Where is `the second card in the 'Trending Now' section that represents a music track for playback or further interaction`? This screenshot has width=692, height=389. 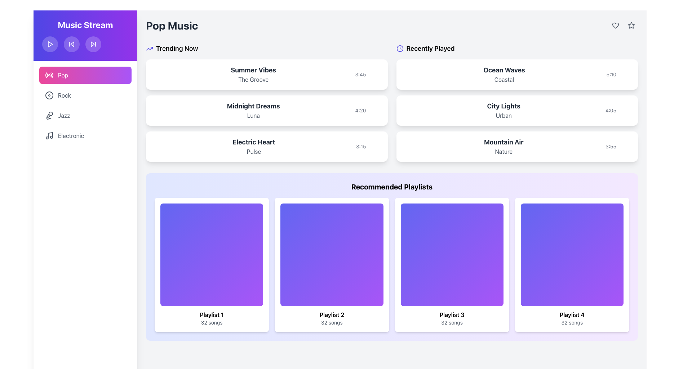 the second card in the 'Trending Now' section that represents a music track for playback or further interaction is located at coordinates (266, 111).